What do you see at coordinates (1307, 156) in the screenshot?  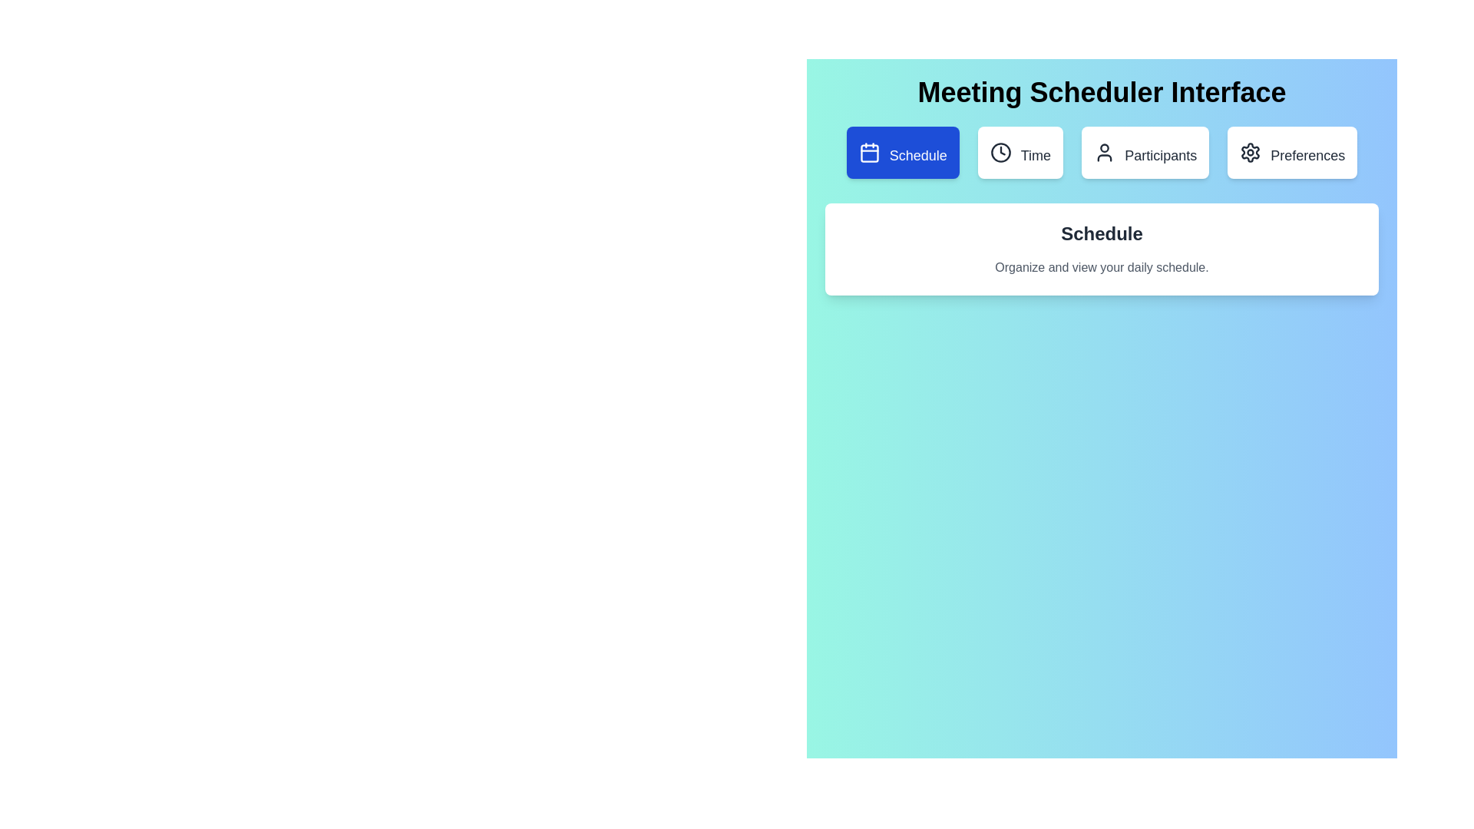 I see `the 'Preferences' label, which is a text label styled with a medium-sized font and located towards the right end of a horizontal row of similar elements` at bounding box center [1307, 156].